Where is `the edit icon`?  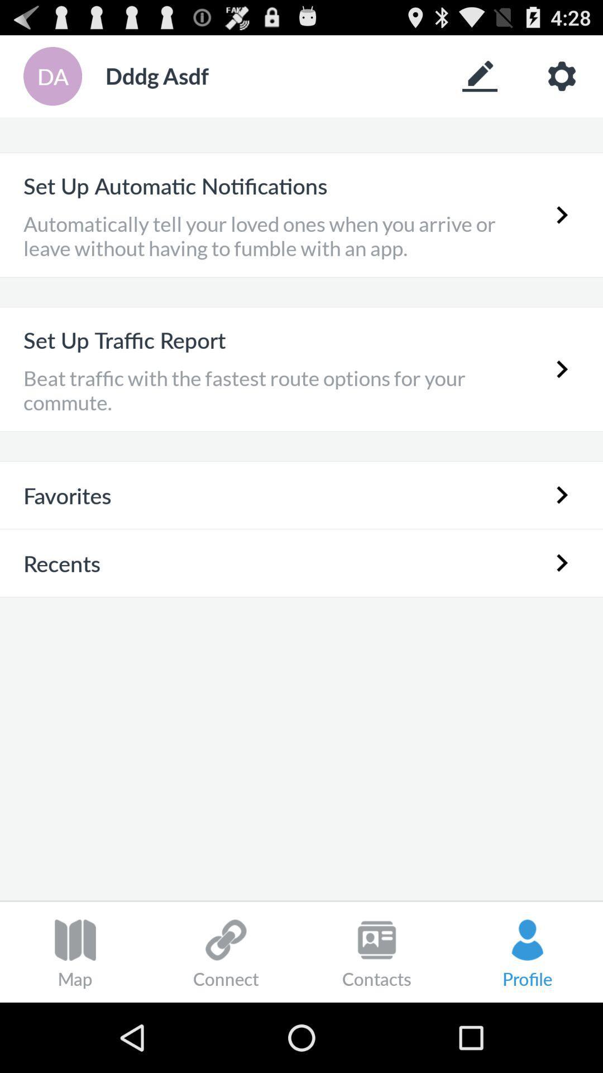
the edit icon is located at coordinates (479, 81).